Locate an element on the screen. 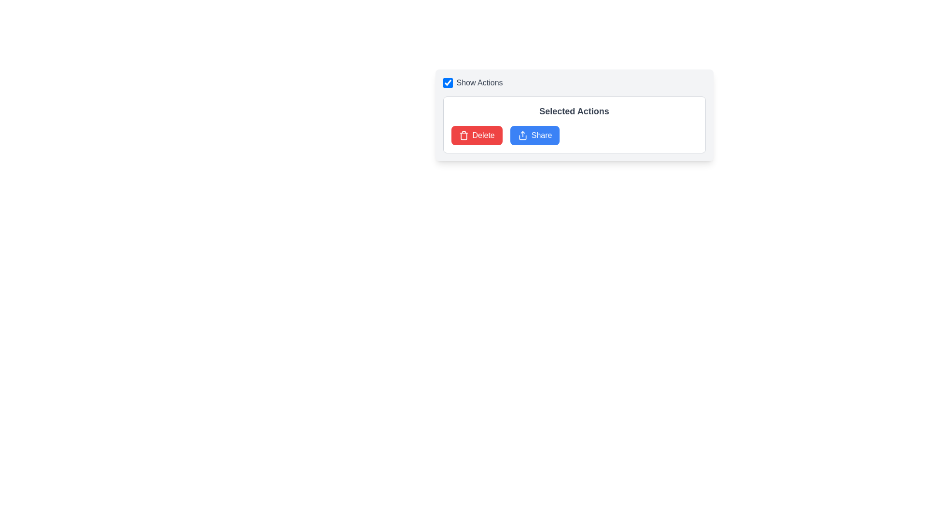  the checkbox label group located at the top-left corner of the card-like structure is located at coordinates (473, 82).